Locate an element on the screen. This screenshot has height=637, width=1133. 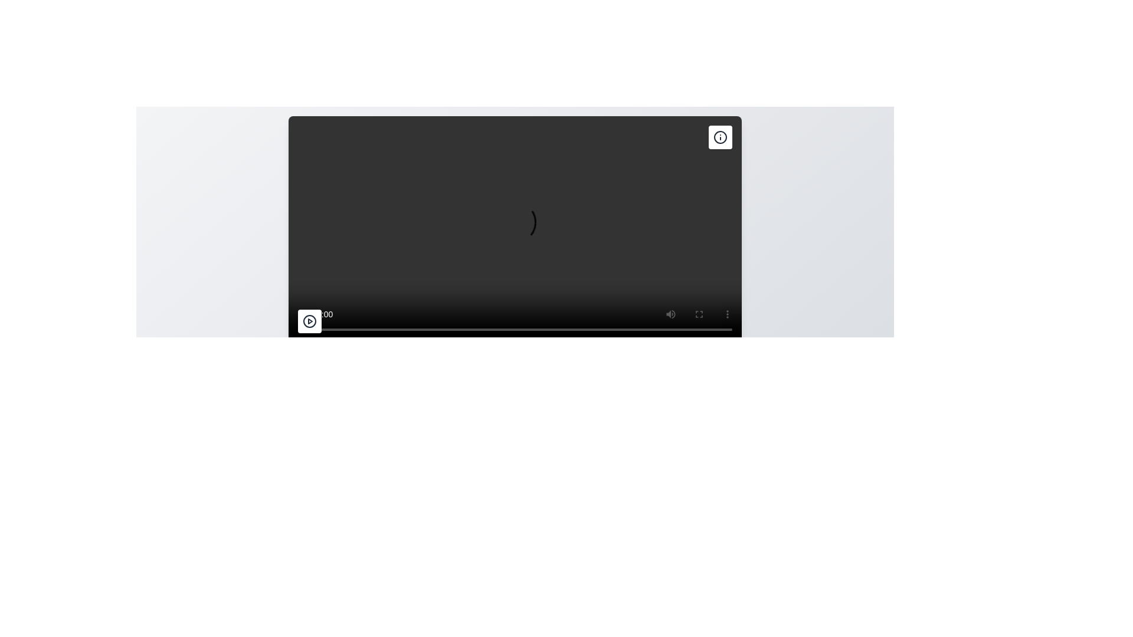
the Circle element within the SVG graphic, which serves as an 'info' icon located at the top-right corner of the interface is located at coordinates (719, 136).